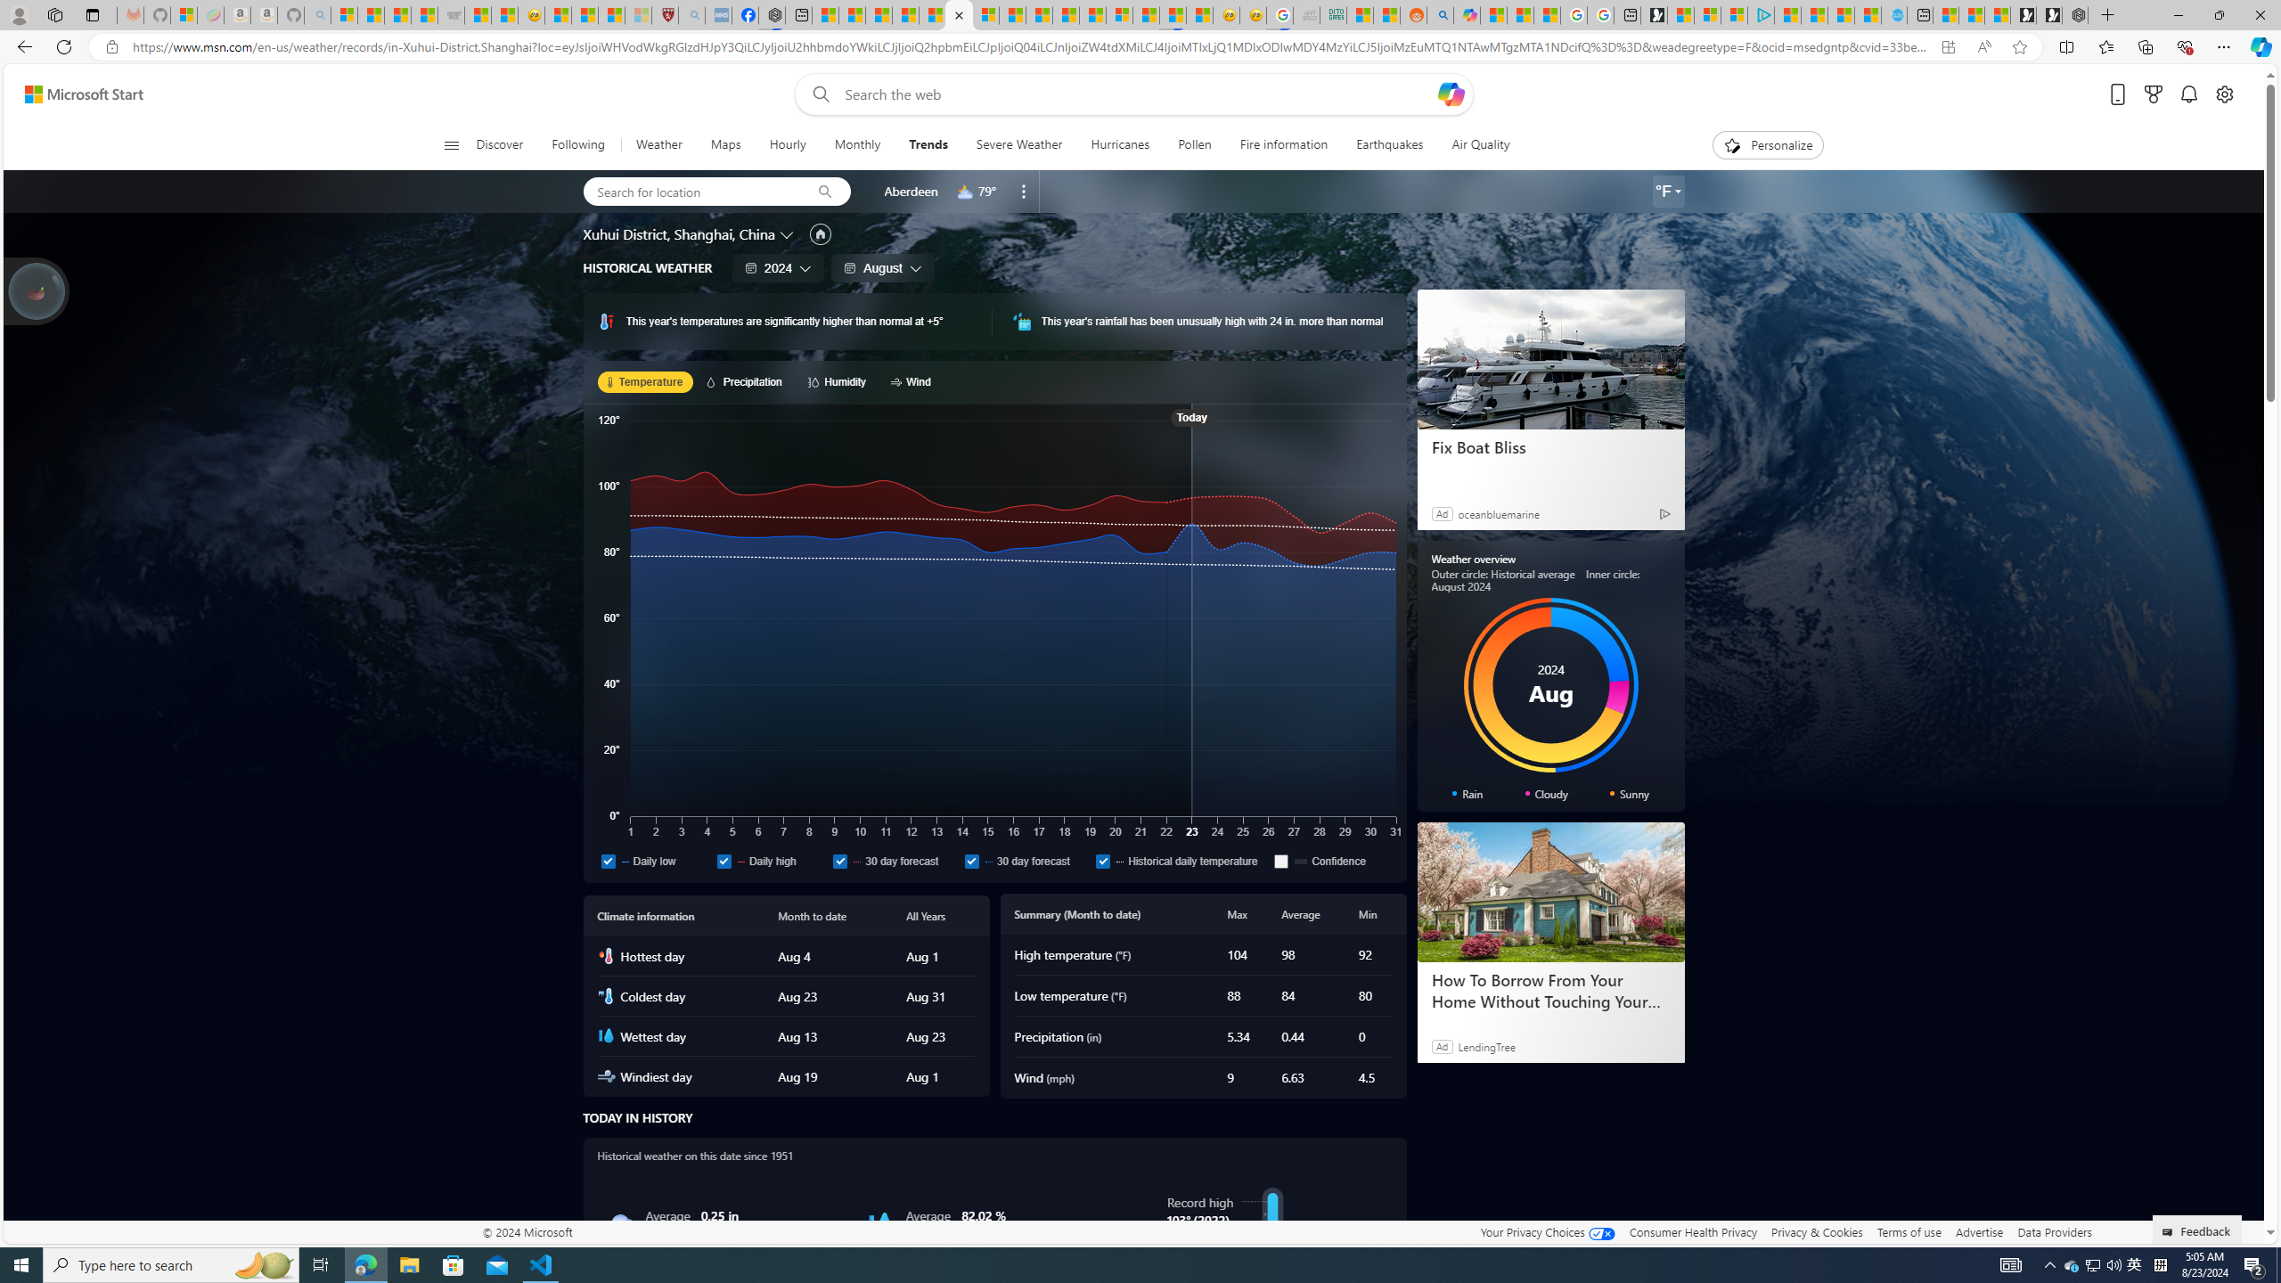 This screenshot has width=2281, height=1283. What do you see at coordinates (1547, 1231) in the screenshot?
I see `'Your Privacy Choices'` at bounding box center [1547, 1231].